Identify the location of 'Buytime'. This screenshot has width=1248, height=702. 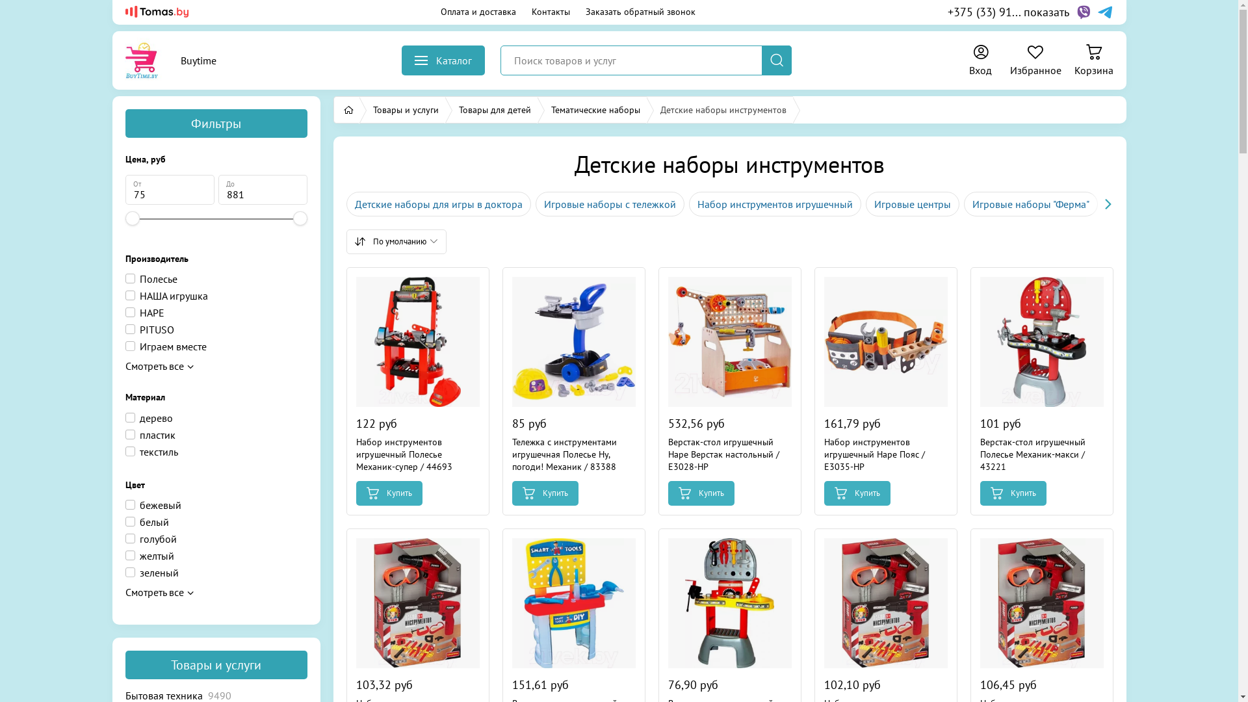
(163, 60).